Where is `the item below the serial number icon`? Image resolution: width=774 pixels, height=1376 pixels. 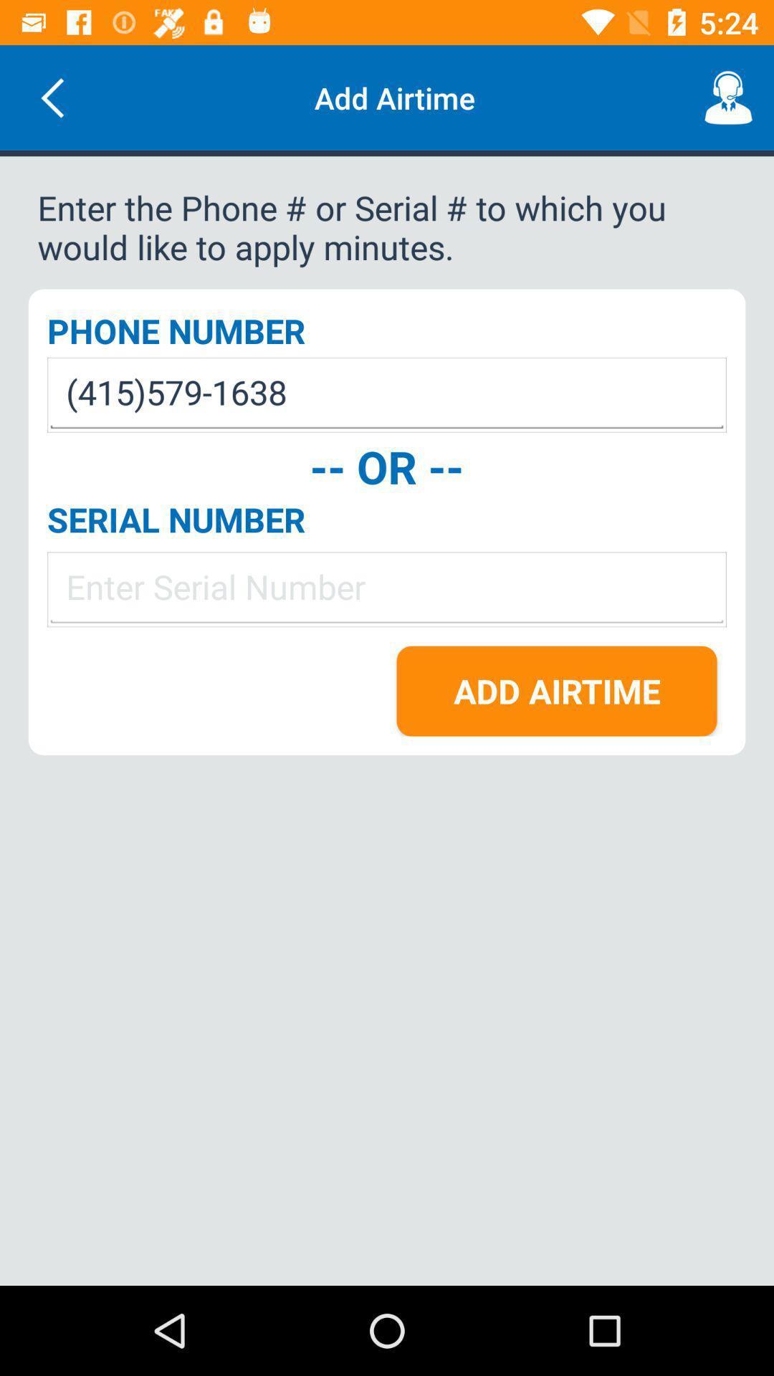 the item below the serial number icon is located at coordinates (387, 589).